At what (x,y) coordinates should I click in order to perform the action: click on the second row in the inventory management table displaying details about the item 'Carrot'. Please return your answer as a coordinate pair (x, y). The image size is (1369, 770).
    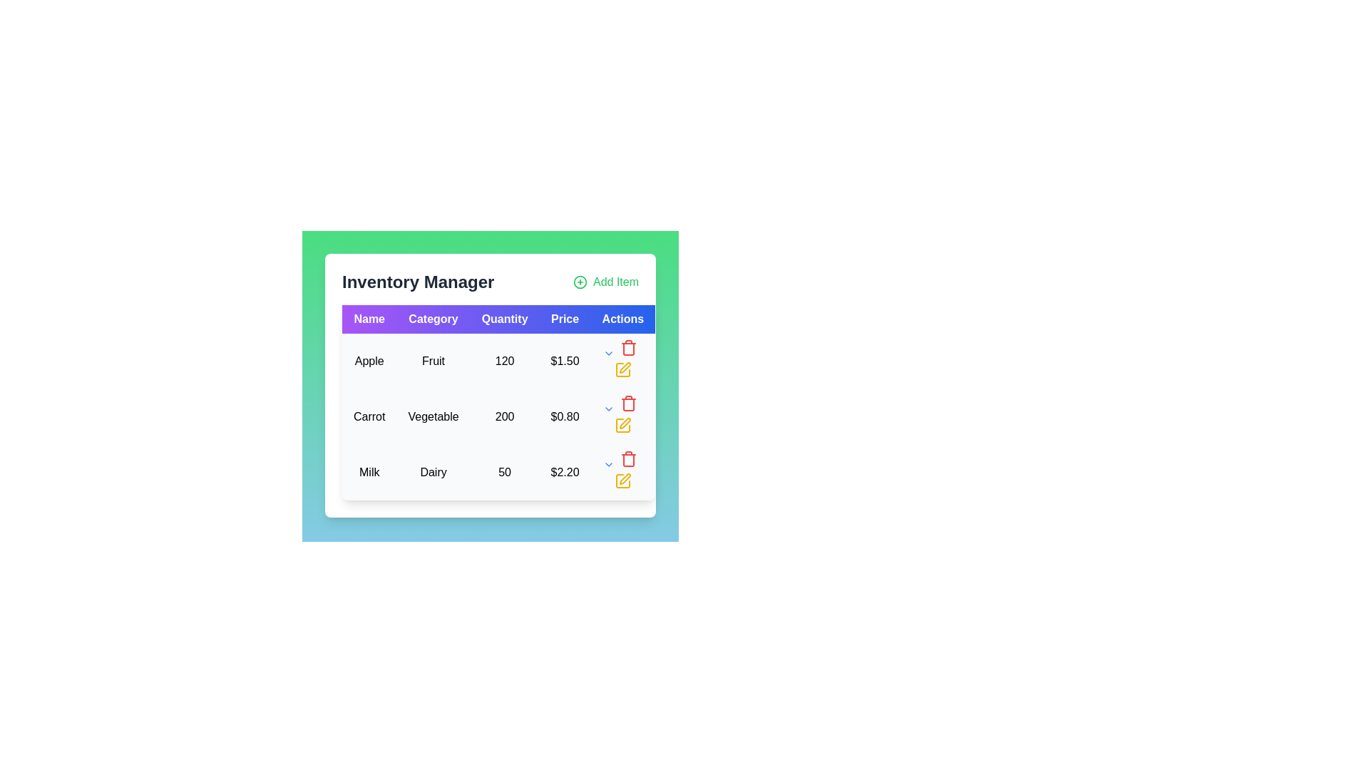
    Looking at the image, I should click on (498, 417).